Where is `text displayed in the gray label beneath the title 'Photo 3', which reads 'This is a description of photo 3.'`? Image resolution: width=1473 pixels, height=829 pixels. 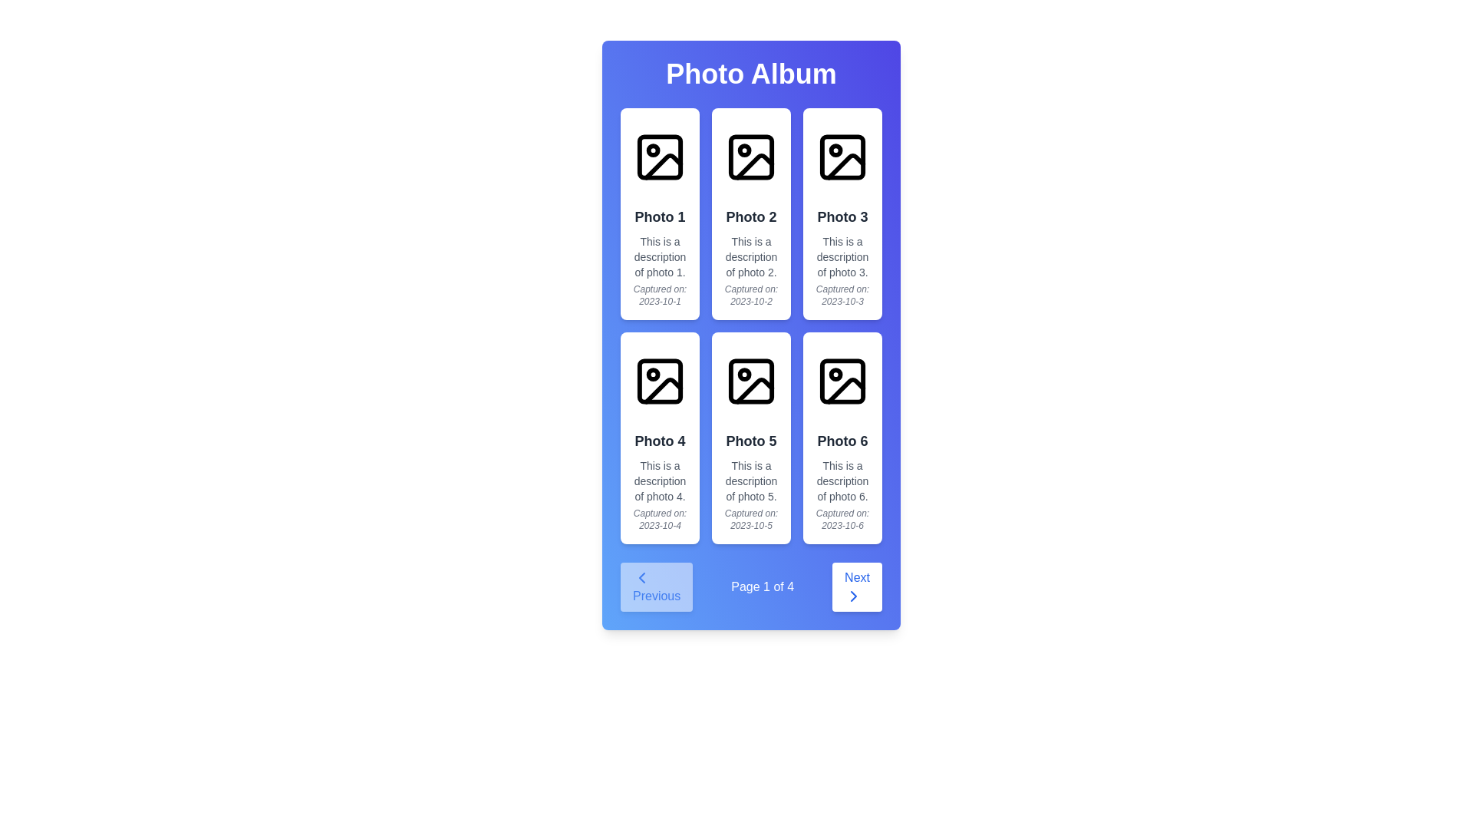 text displayed in the gray label beneath the title 'Photo 3', which reads 'This is a description of photo 3.' is located at coordinates (842, 256).